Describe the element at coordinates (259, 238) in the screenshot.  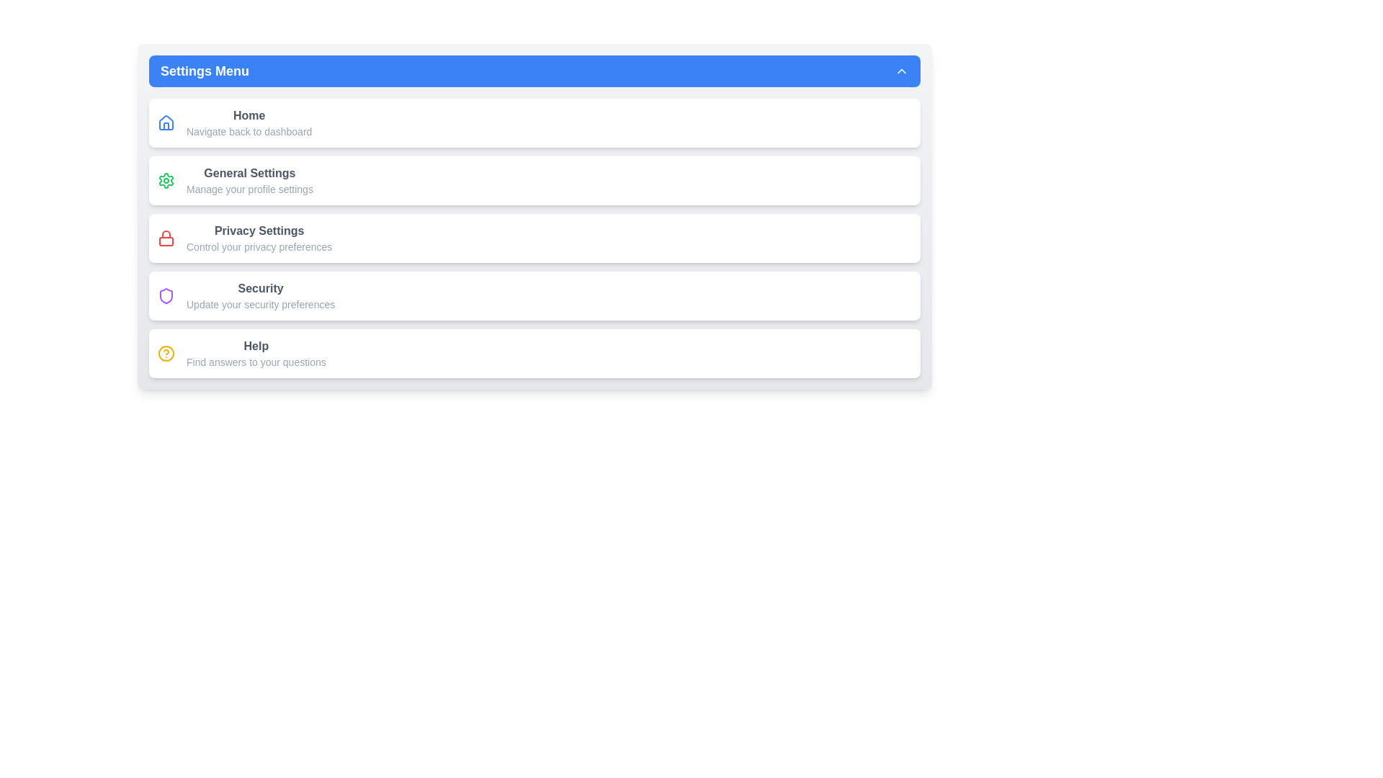
I see `the 'Privacy Settings' text display located between 'General Settings' and 'Security' in the vertical list of settings options` at that location.